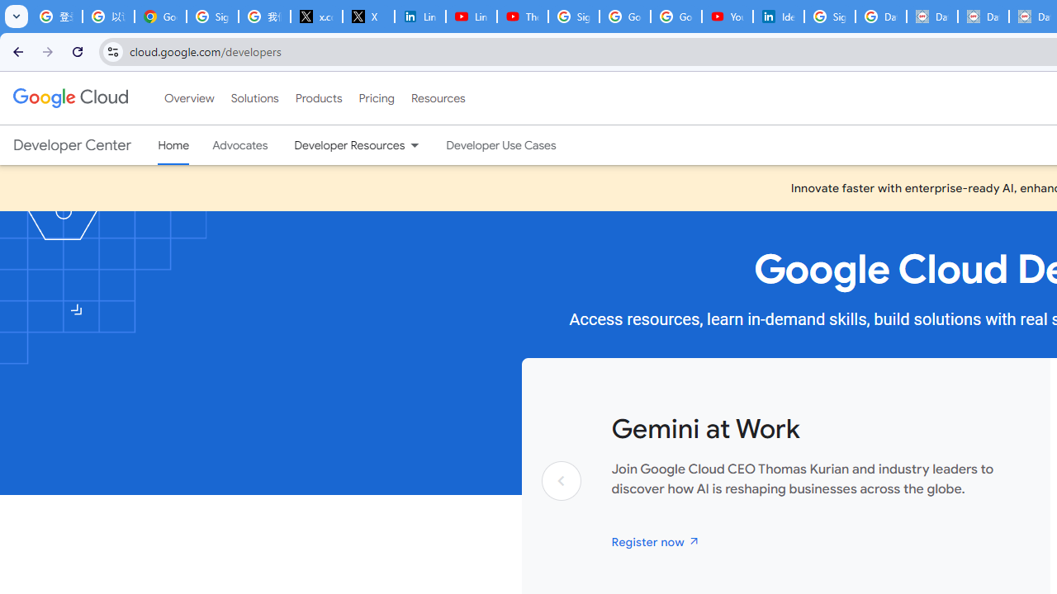  What do you see at coordinates (931, 16) in the screenshot?
I see `'Data Privacy Framework'` at bounding box center [931, 16].